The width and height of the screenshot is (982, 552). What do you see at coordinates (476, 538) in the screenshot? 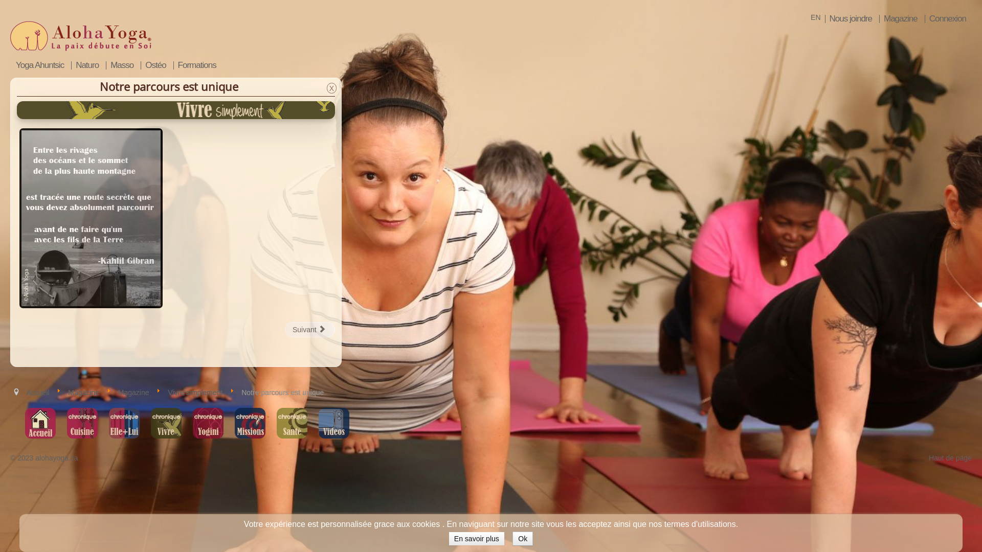
I see `'En savoir plus'` at bounding box center [476, 538].